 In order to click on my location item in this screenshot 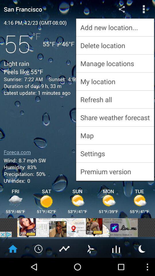, I will do `click(115, 81)`.